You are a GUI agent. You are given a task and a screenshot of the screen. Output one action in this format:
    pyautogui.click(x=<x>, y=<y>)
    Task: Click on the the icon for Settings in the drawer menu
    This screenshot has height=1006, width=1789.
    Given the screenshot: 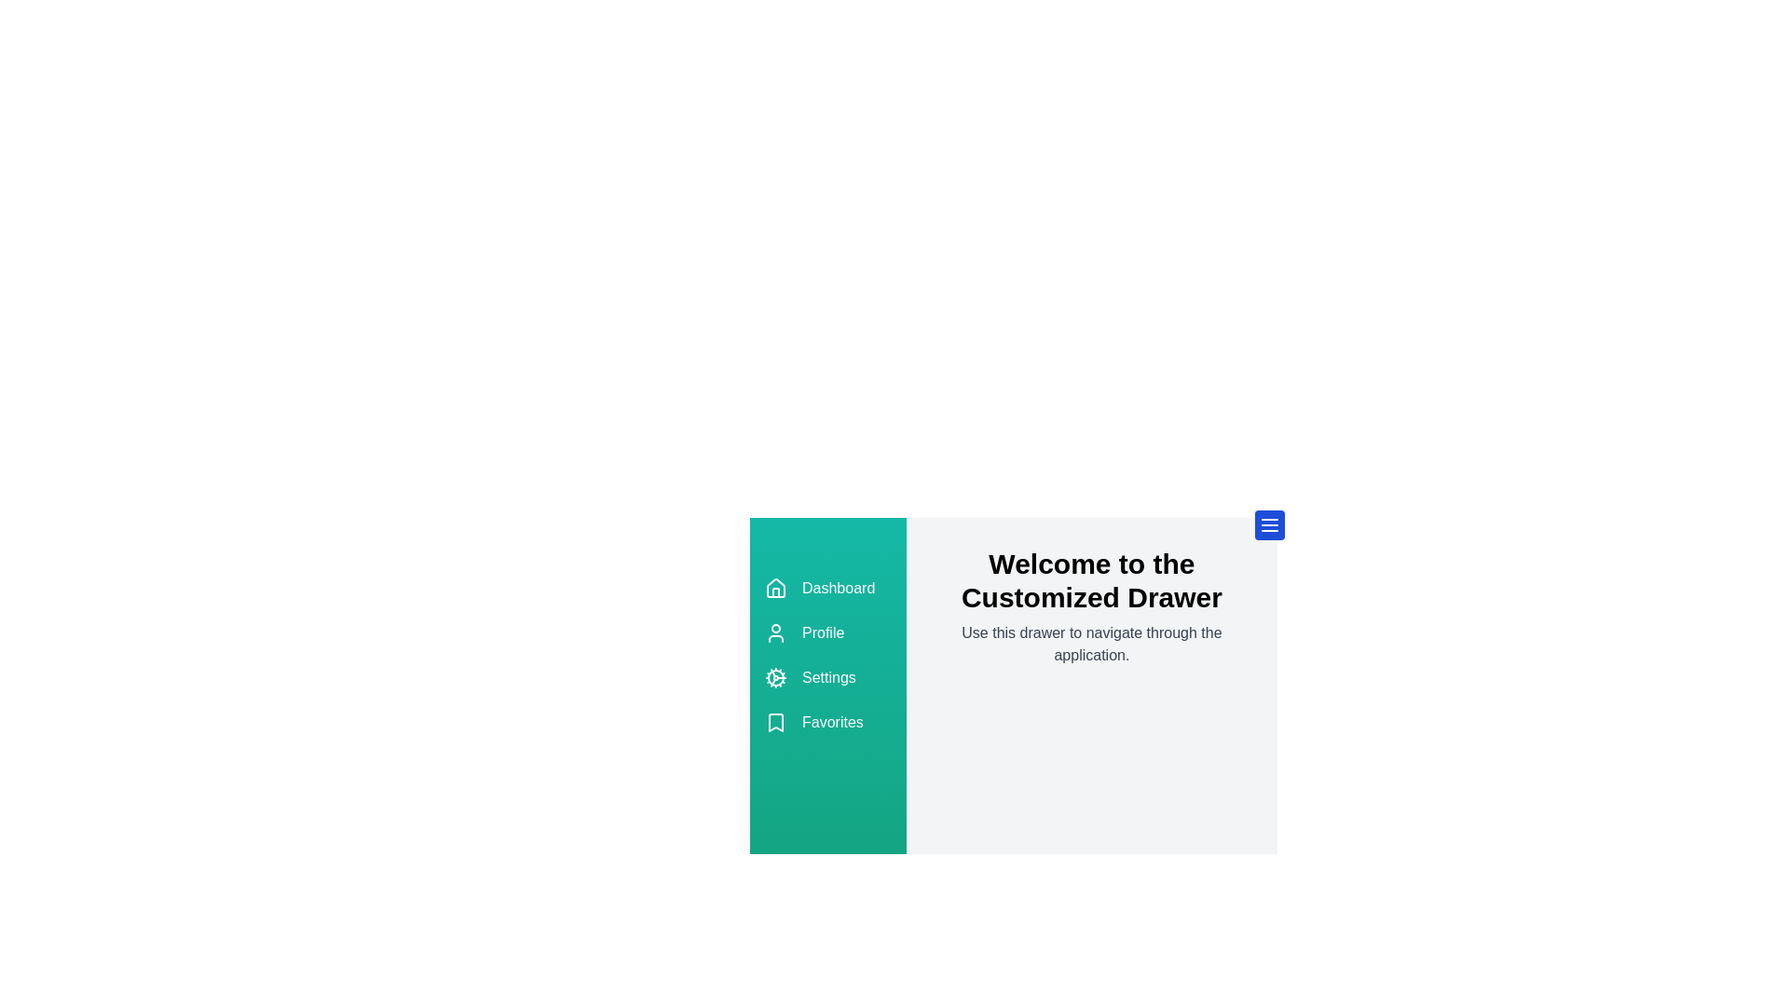 What is the action you would take?
    pyautogui.click(x=776, y=678)
    